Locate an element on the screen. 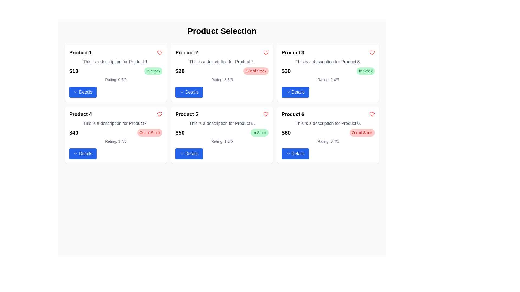  the availability badge indicating 'In Stock' within the 'Product 5' card is located at coordinates (222, 132).